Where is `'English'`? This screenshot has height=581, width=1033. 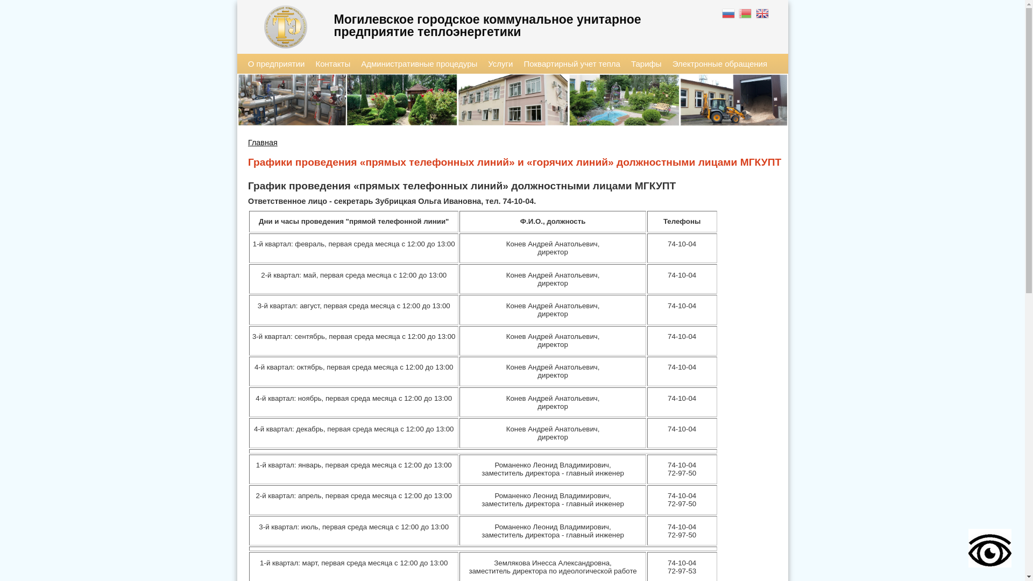 'English' is located at coordinates (762, 15).